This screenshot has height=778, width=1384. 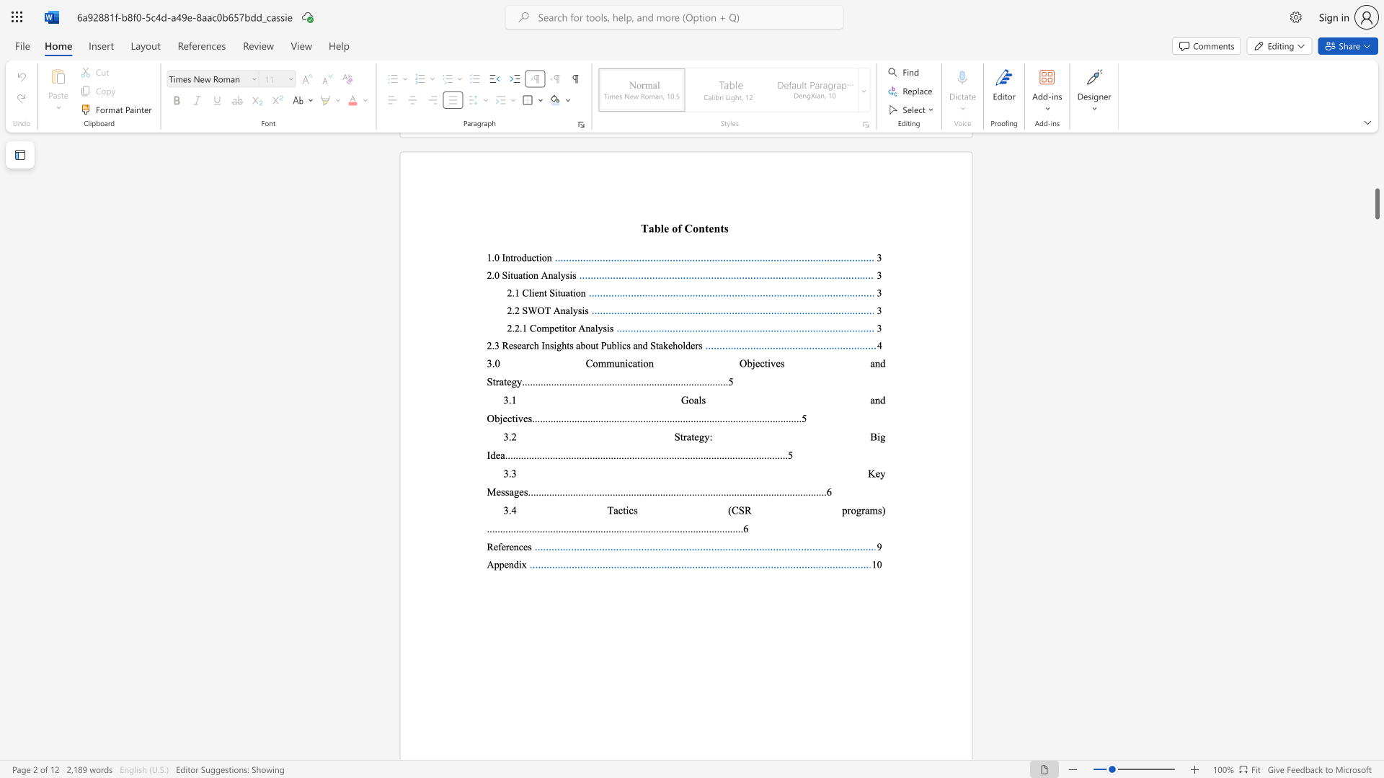 I want to click on the 1th character "(" in the text, so click(x=729, y=509).